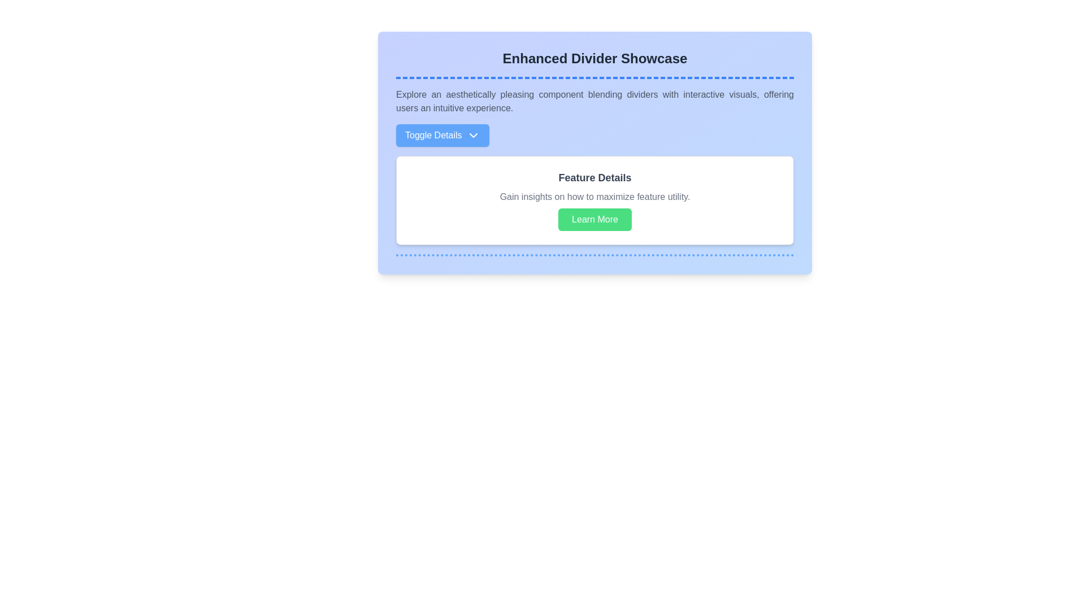 The height and width of the screenshot is (610, 1085). What do you see at coordinates (594, 184) in the screenshot?
I see `the Informational section titled 'Feature Details', which contains the descriptive text 'Gain insights on how to maximize feature utility.' and features a green 'Learn More' button` at bounding box center [594, 184].